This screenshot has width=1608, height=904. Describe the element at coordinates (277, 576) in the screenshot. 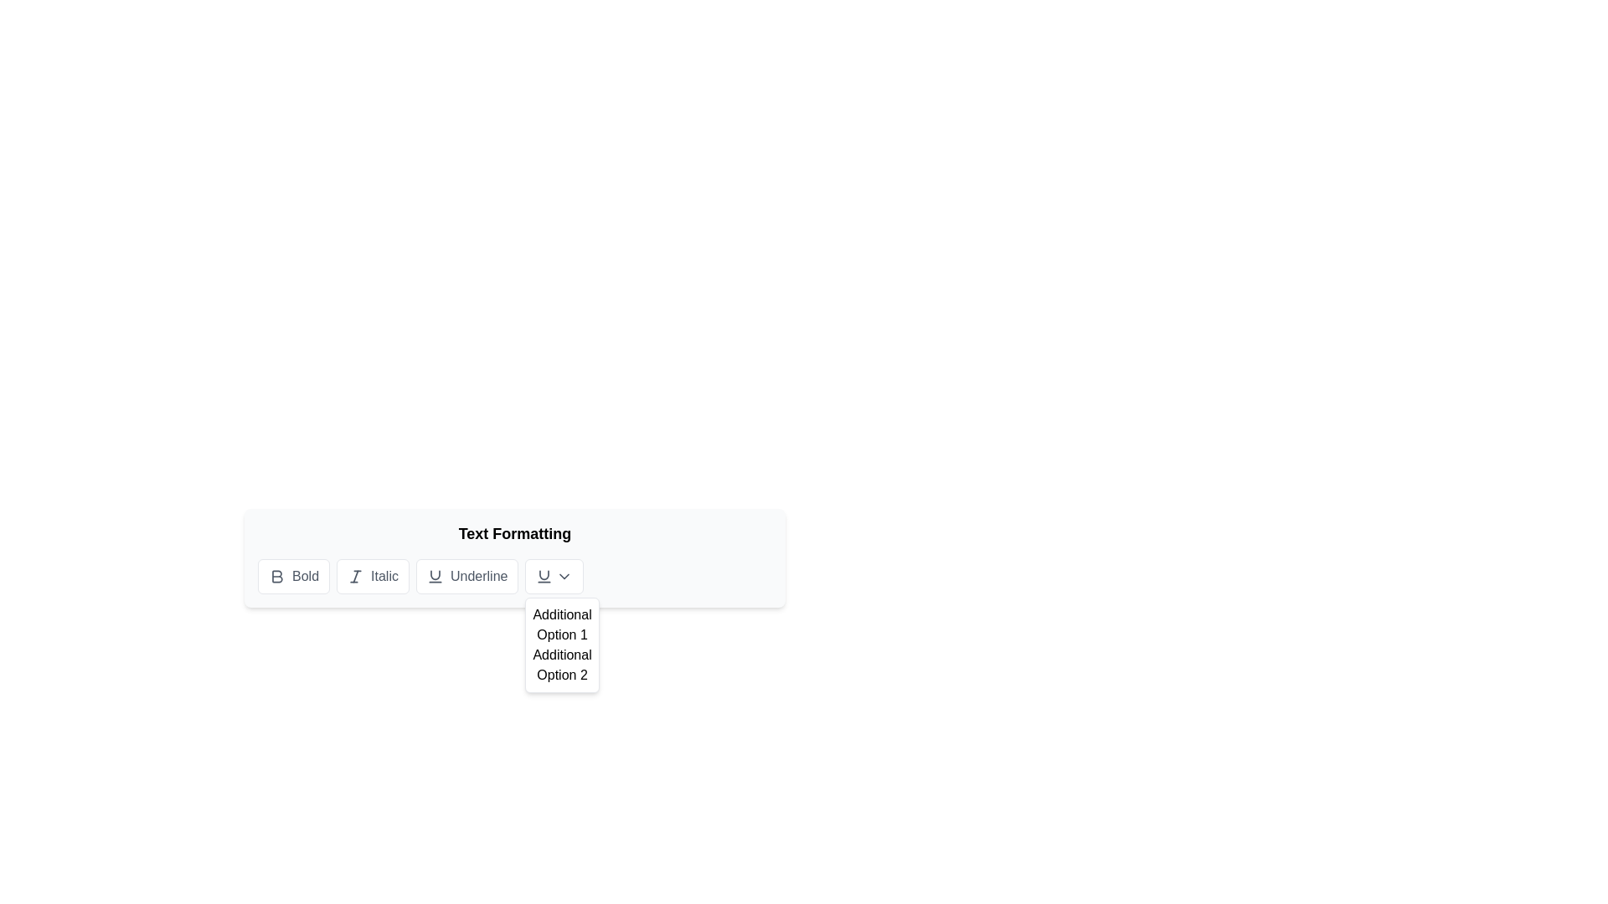

I see `the bold formatting icon located in the formatting toolbar` at that location.